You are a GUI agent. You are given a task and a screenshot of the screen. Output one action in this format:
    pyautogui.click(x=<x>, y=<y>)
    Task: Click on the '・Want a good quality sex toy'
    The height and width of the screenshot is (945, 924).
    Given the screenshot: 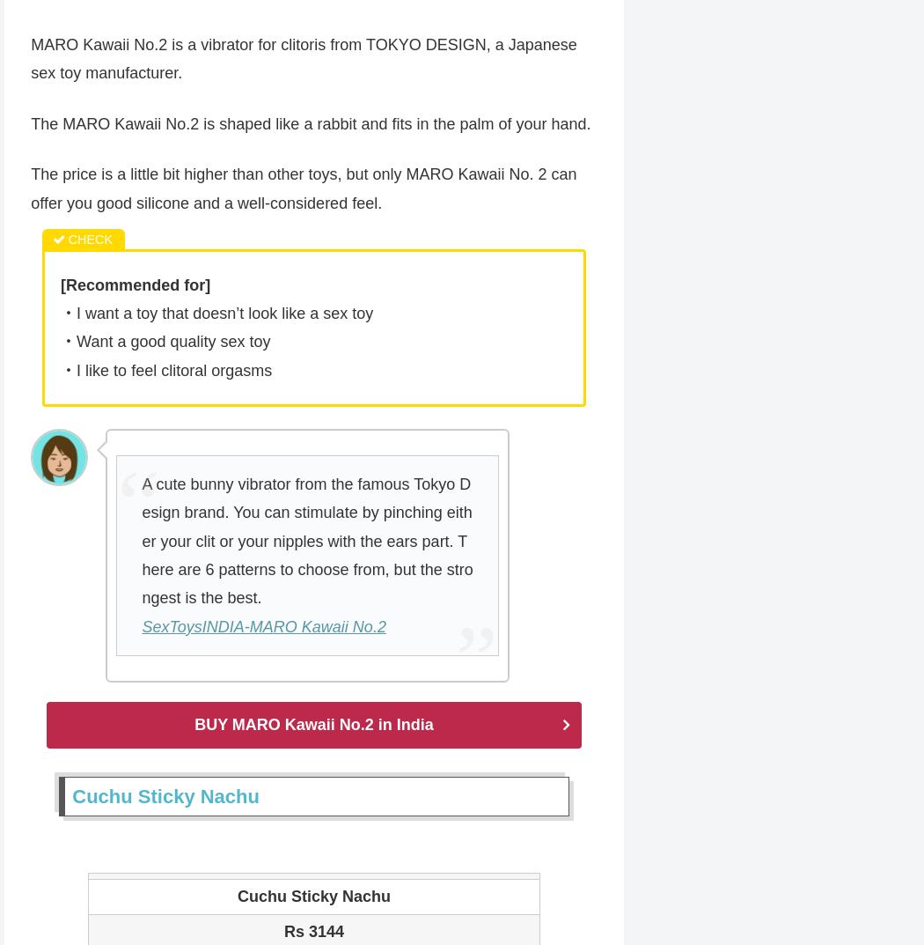 What is the action you would take?
    pyautogui.click(x=165, y=343)
    